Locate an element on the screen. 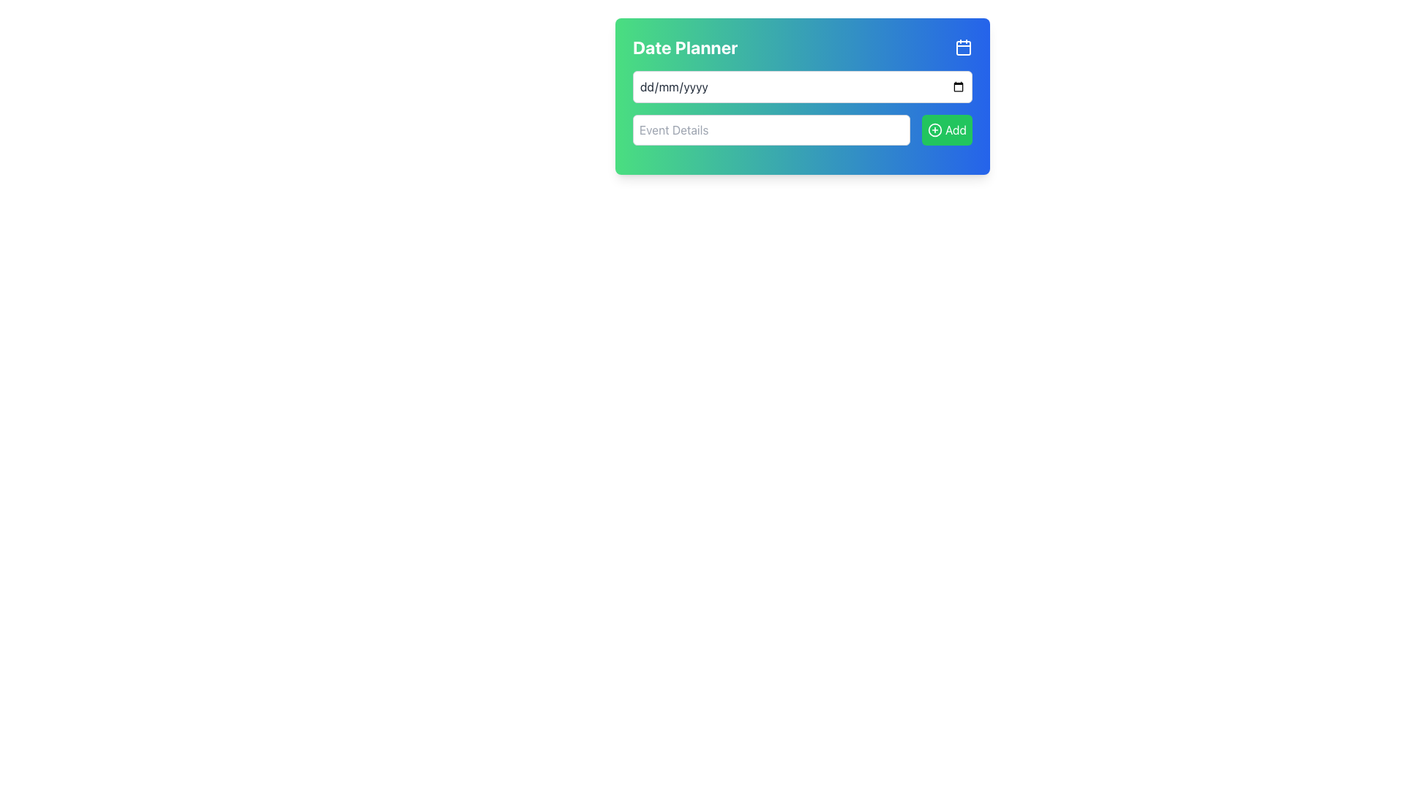  the date input field within the 'Date Planner' is located at coordinates (802, 87).